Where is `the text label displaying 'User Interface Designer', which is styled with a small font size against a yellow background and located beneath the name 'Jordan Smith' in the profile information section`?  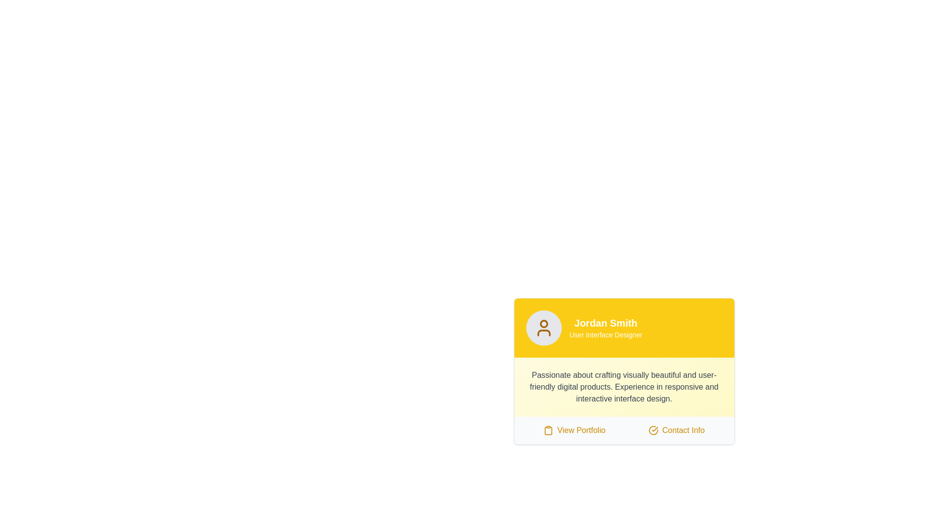
the text label displaying 'User Interface Designer', which is styled with a small font size against a yellow background and located beneath the name 'Jordan Smith' in the profile information section is located at coordinates (605, 334).